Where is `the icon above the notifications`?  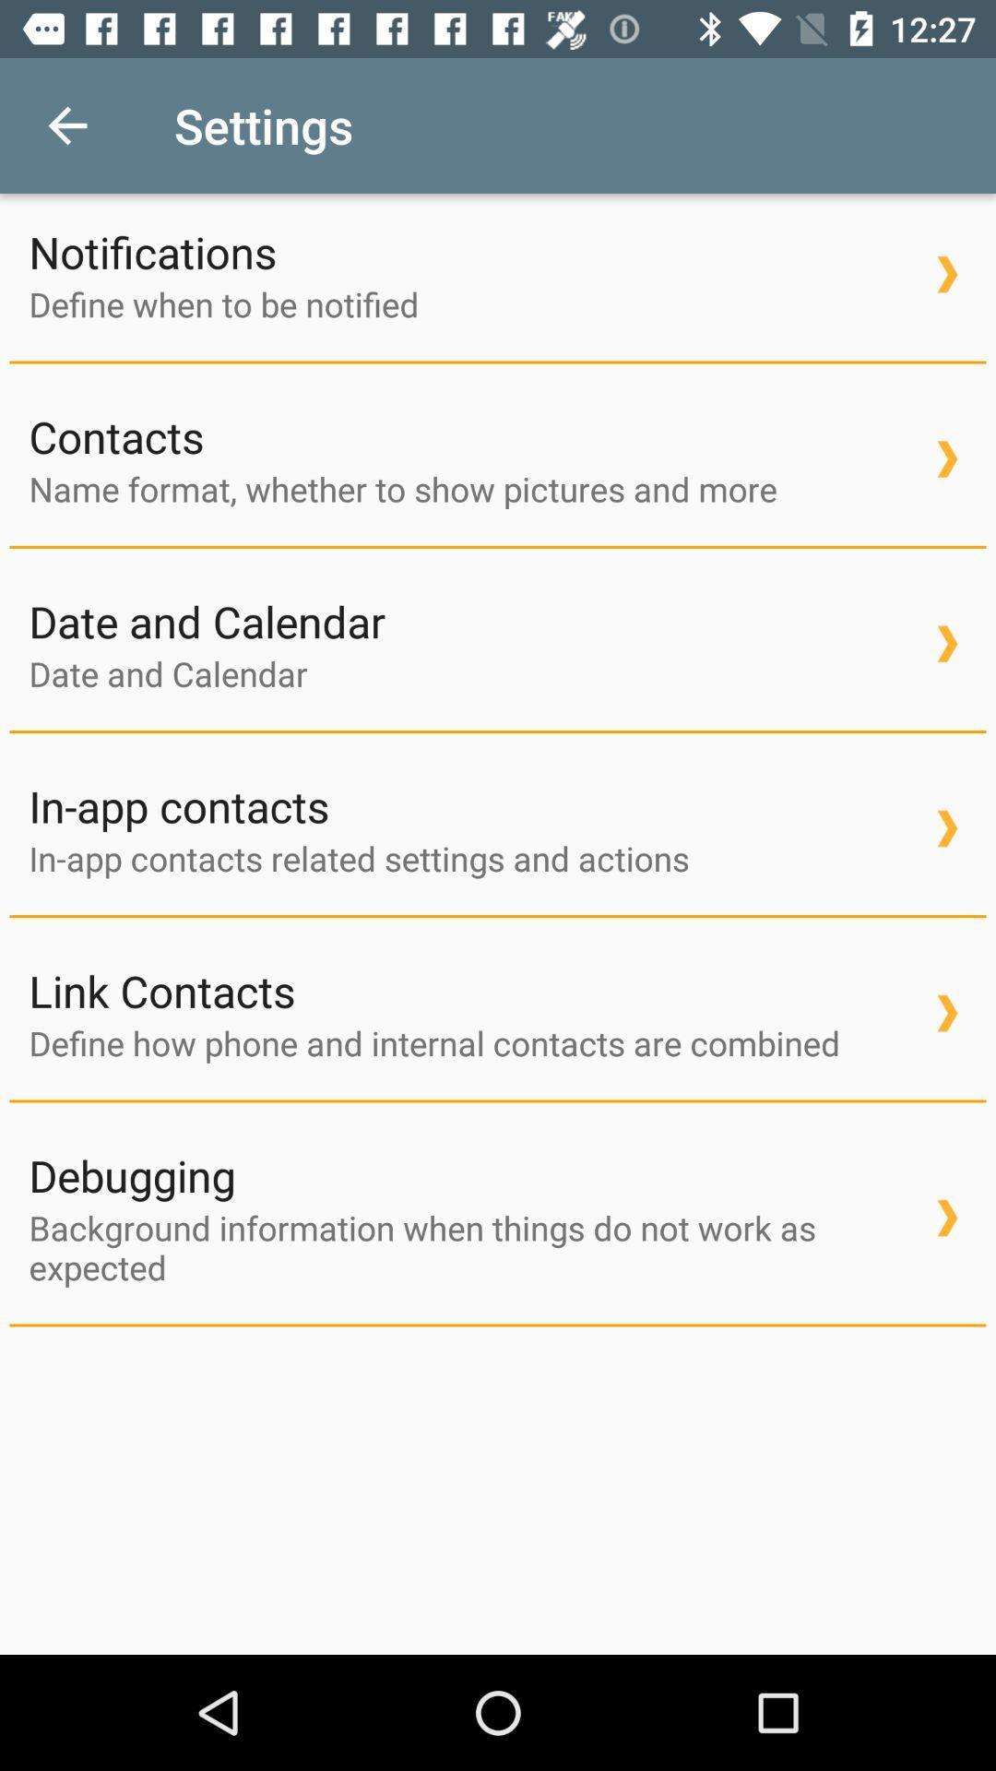
the icon above the notifications is located at coordinates (66, 125).